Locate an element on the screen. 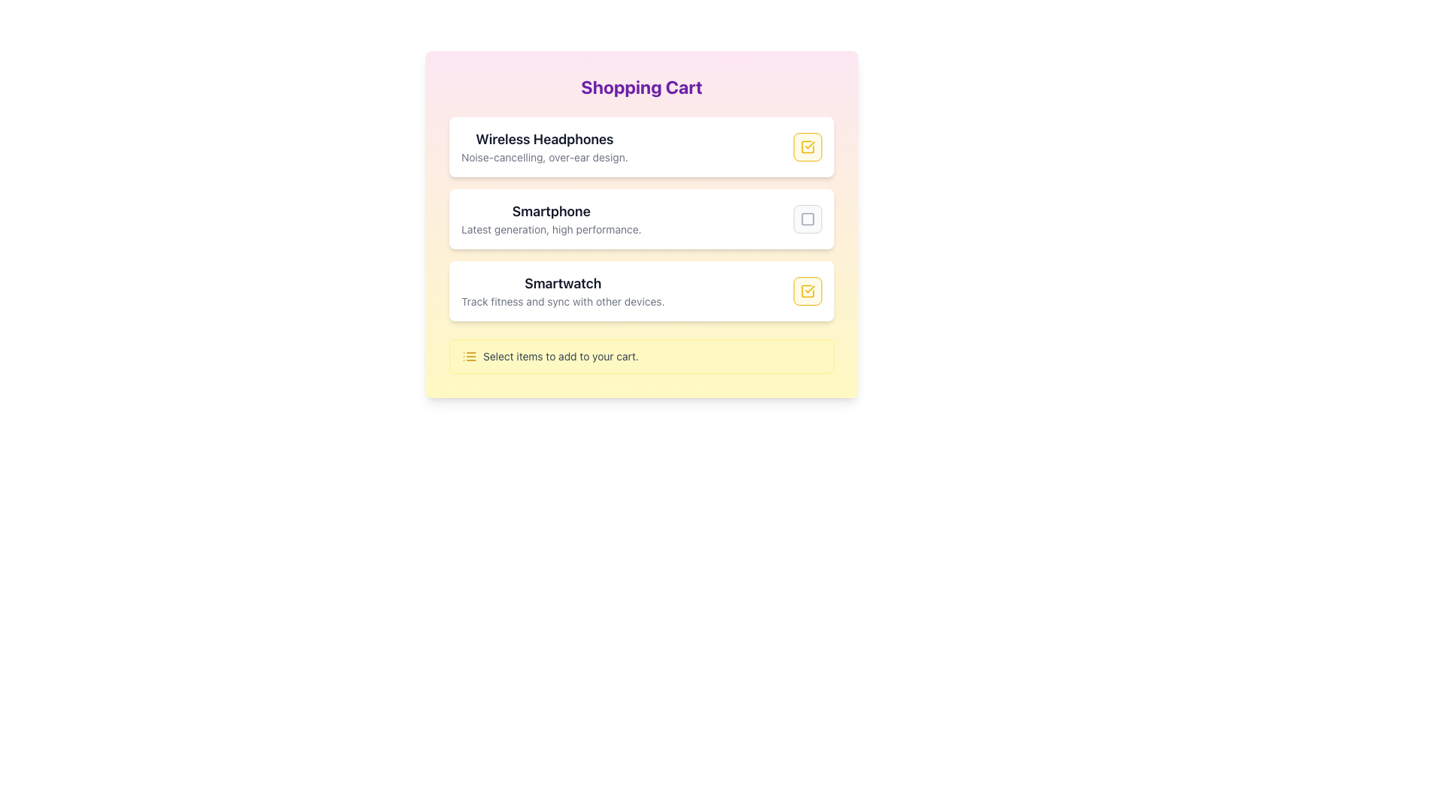 The width and height of the screenshot is (1443, 811). the yellow square icon with rounded edges featuring a checkmark, located in the Smartwatch section of the shopping cart interface is located at coordinates (807, 291).